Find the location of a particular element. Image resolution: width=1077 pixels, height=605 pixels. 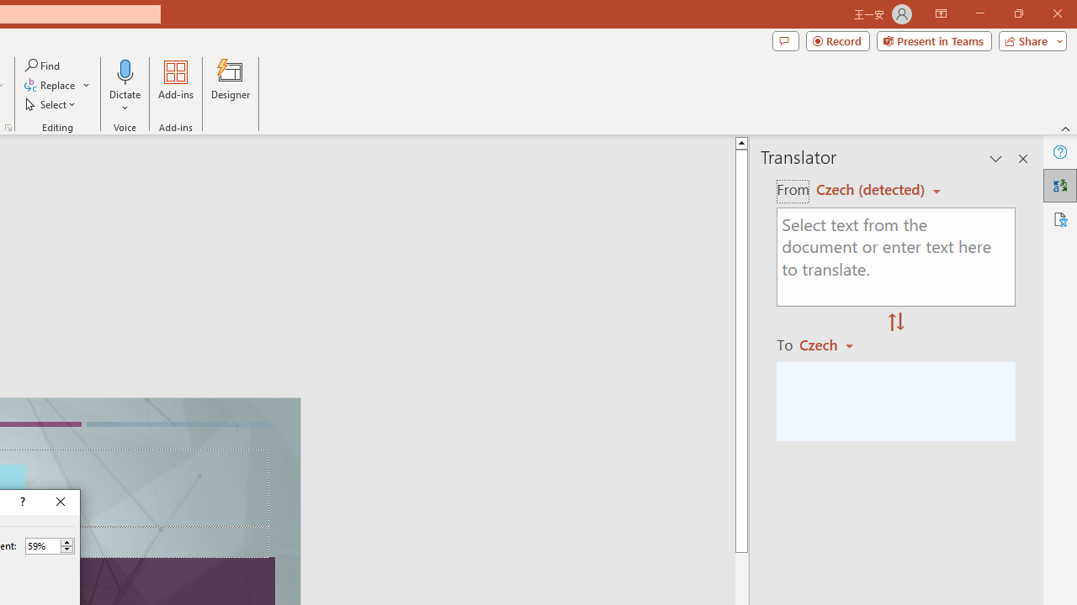

'Percent' is located at coordinates (42, 545).